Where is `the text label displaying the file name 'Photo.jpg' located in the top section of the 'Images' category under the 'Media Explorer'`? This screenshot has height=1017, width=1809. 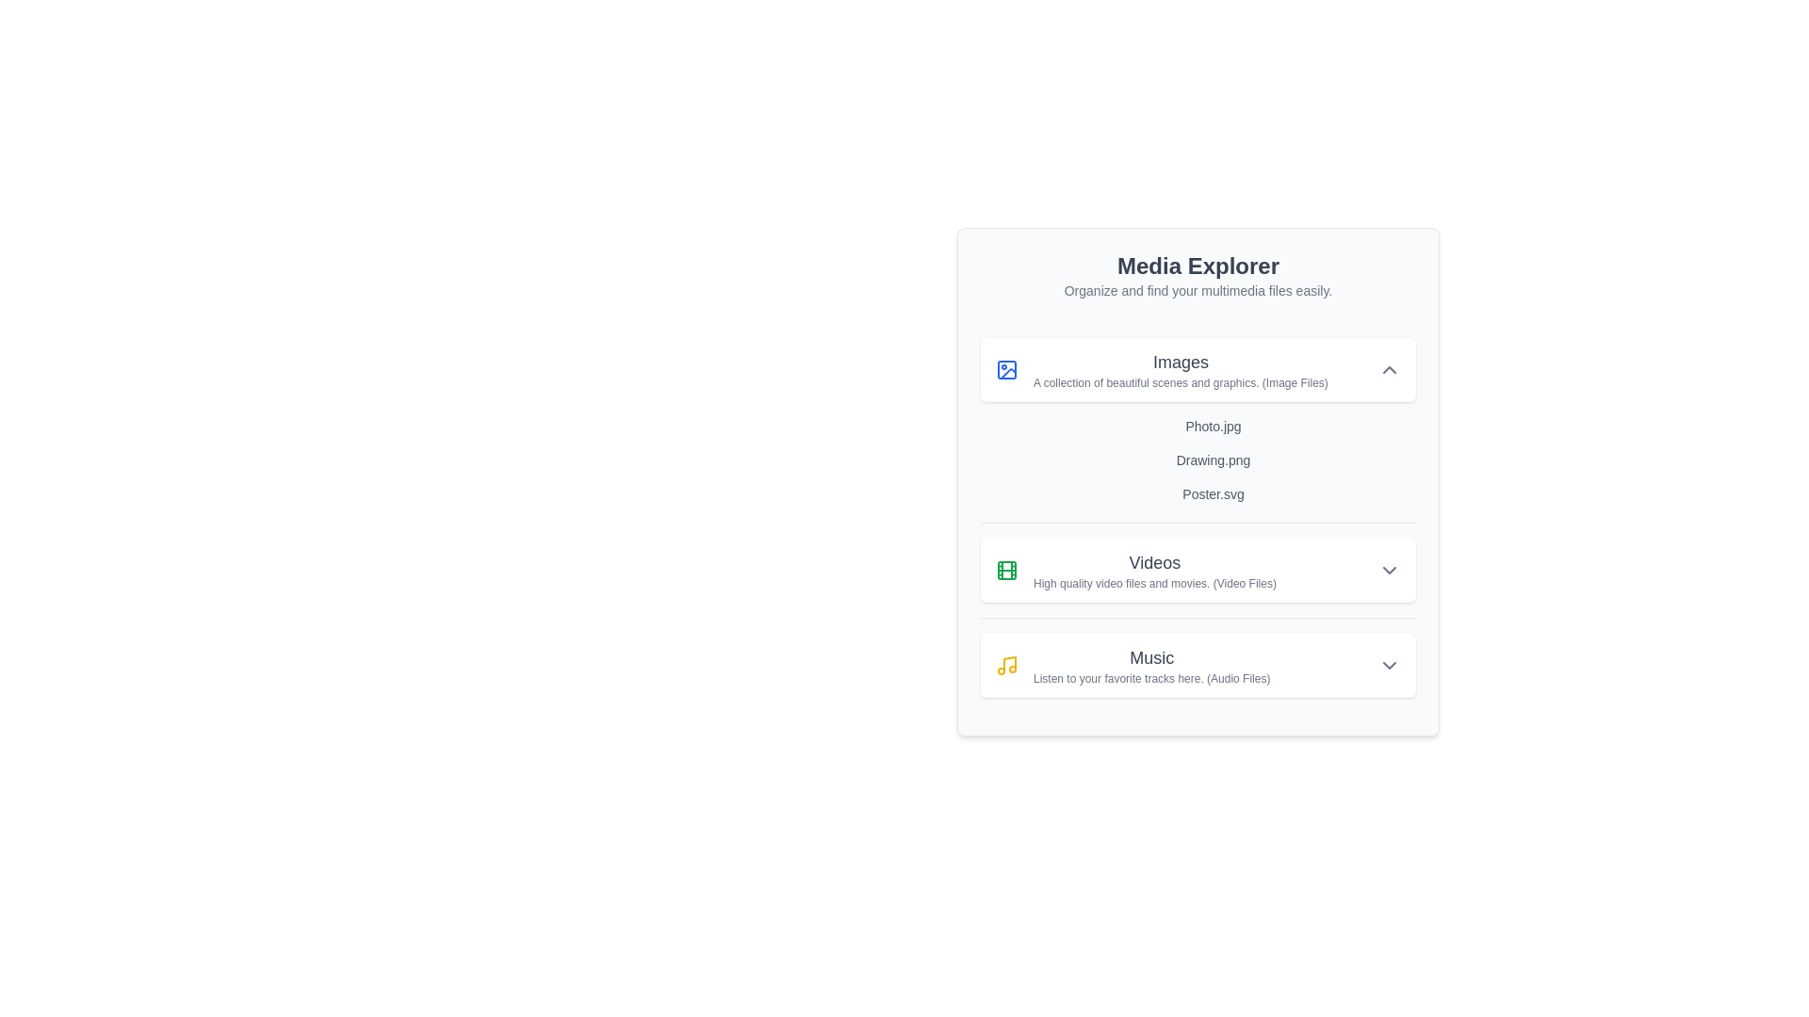
the text label displaying the file name 'Photo.jpg' located in the top section of the 'Images' category under the 'Media Explorer' is located at coordinates (1213, 426).